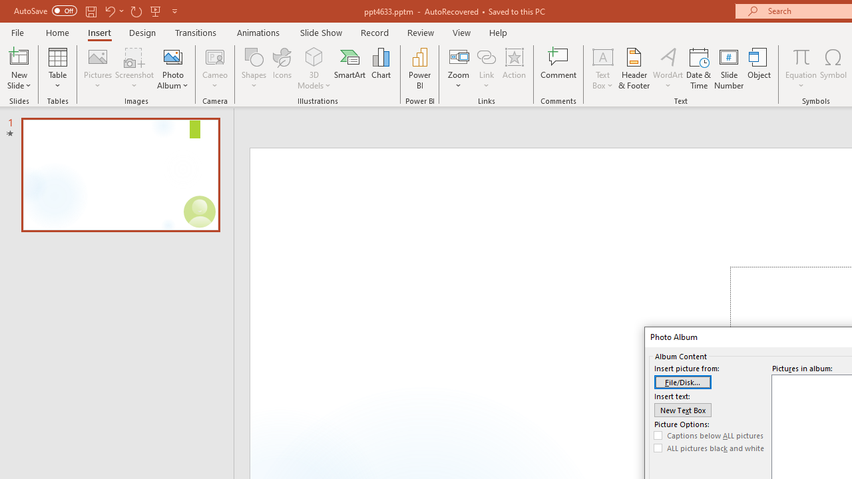  What do you see at coordinates (800, 69) in the screenshot?
I see `'Equation'` at bounding box center [800, 69].